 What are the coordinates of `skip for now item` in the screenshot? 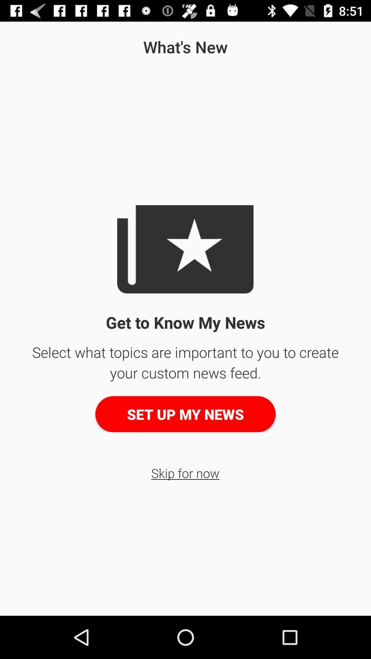 It's located at (185, 473).